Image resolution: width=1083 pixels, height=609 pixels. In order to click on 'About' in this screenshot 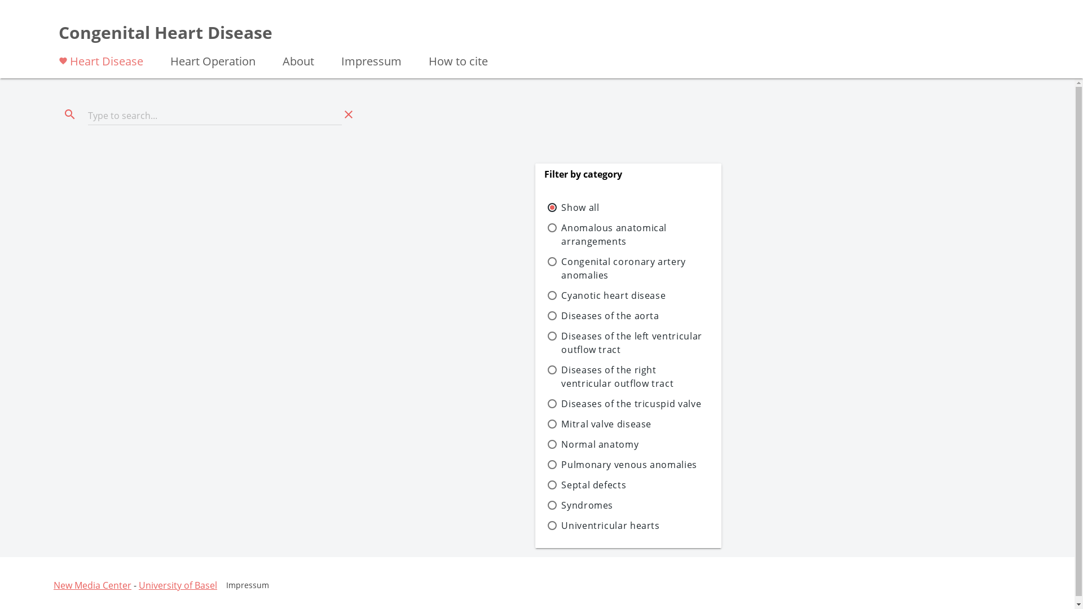, I will do `click(298, 60)`.